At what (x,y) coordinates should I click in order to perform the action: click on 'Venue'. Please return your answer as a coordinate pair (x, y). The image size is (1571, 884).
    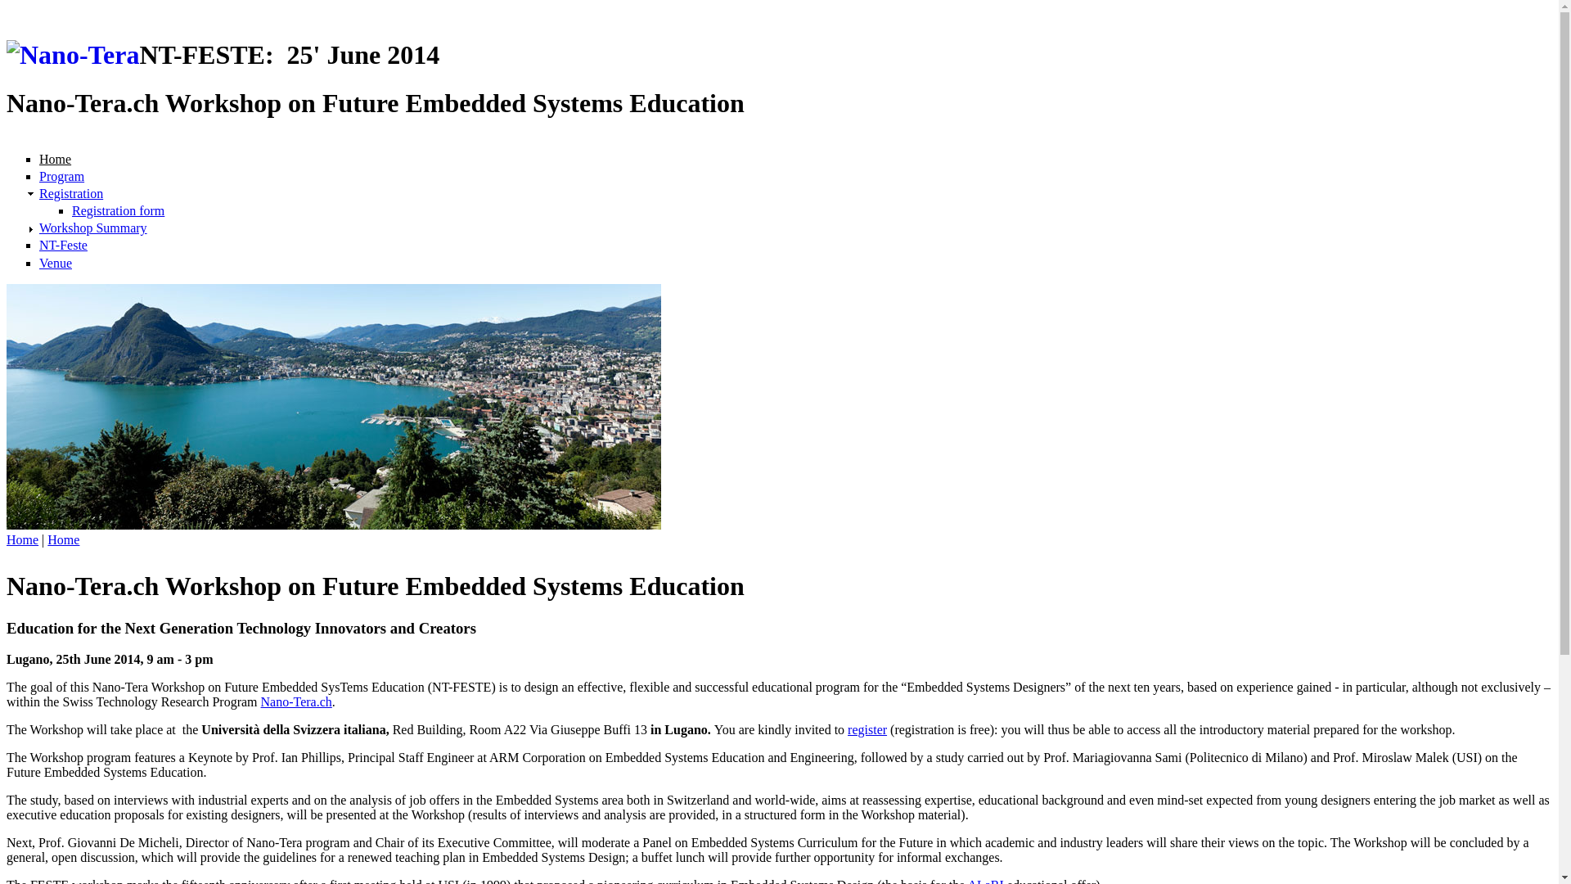
    Looking at the image, I should click on (39, 262).